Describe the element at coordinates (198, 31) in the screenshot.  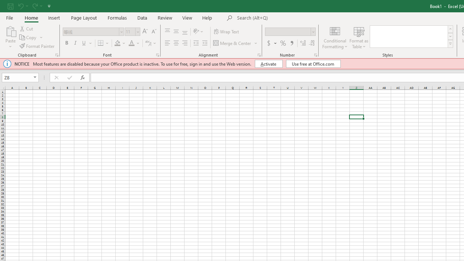
I see `'Orientation'` at that location.